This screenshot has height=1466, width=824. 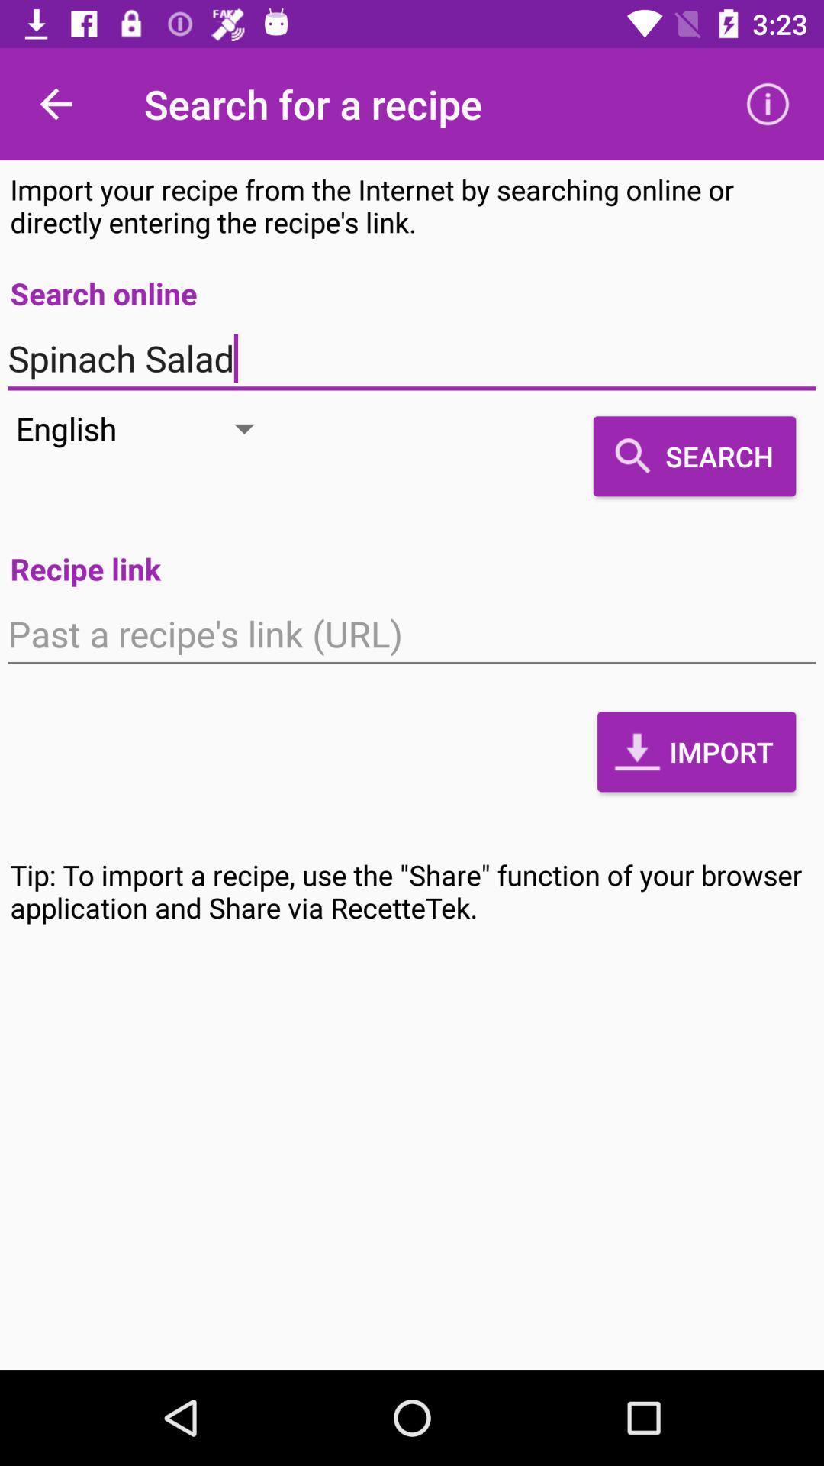 What do you see at coordinates (768, 103) in the screenshot?
I see `item above import your recipe` at bounding box center [768, 103].